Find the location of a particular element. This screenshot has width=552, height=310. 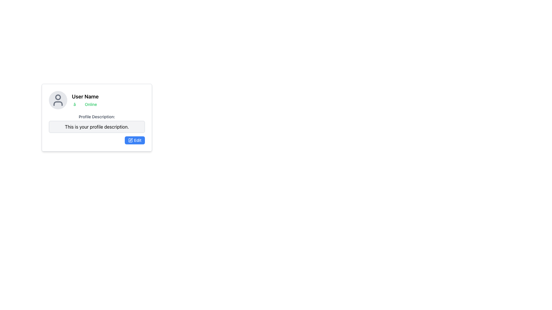

the Composite display component that shows the user's name and online status, located at the top of the bordered card above the 'Profile Description' field is located at coordinates (97, 100).